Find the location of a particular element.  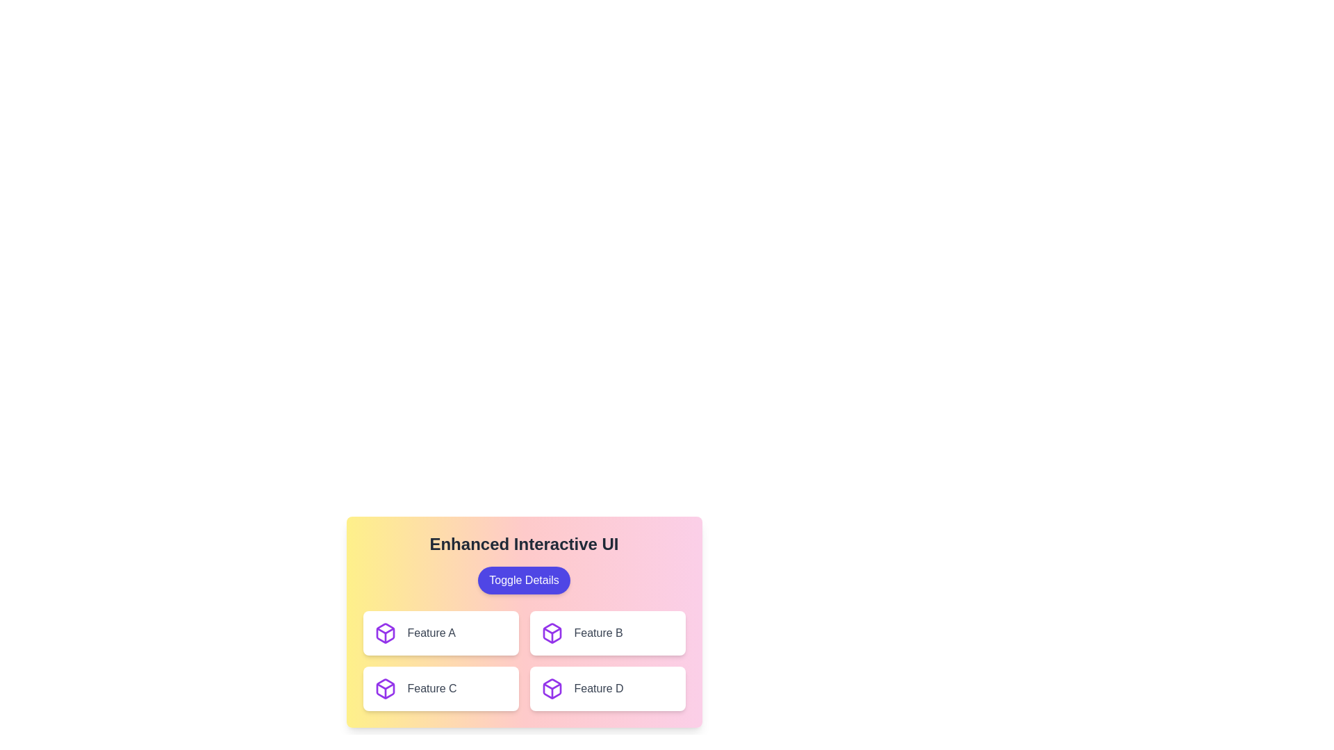

the purple 3D box icon representing 'Feature A' is located at coordinates (385, 633).